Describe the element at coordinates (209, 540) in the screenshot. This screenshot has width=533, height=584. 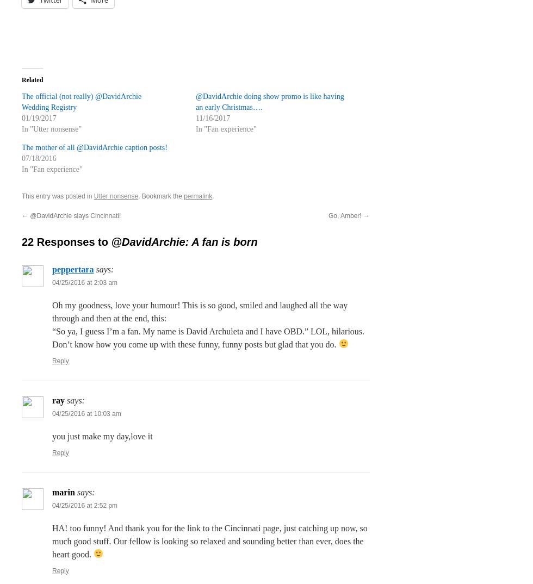
I see `'HA! too funny! And thank you for the link to the Cincinnati page, just catching up now, so much good stuff. Our fellow is looking so relaxed and sounding better than ever, does the heart good.'` at that location.